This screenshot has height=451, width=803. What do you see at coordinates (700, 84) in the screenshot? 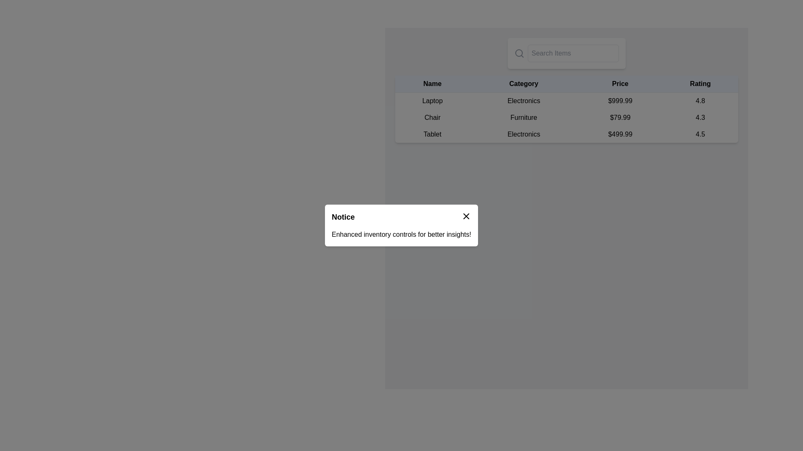
I see `the 'Rating' table header, which is the last column header in a table displaying item ratings, positioned to the far right of 'Price'` at bounding box center [700, 84].